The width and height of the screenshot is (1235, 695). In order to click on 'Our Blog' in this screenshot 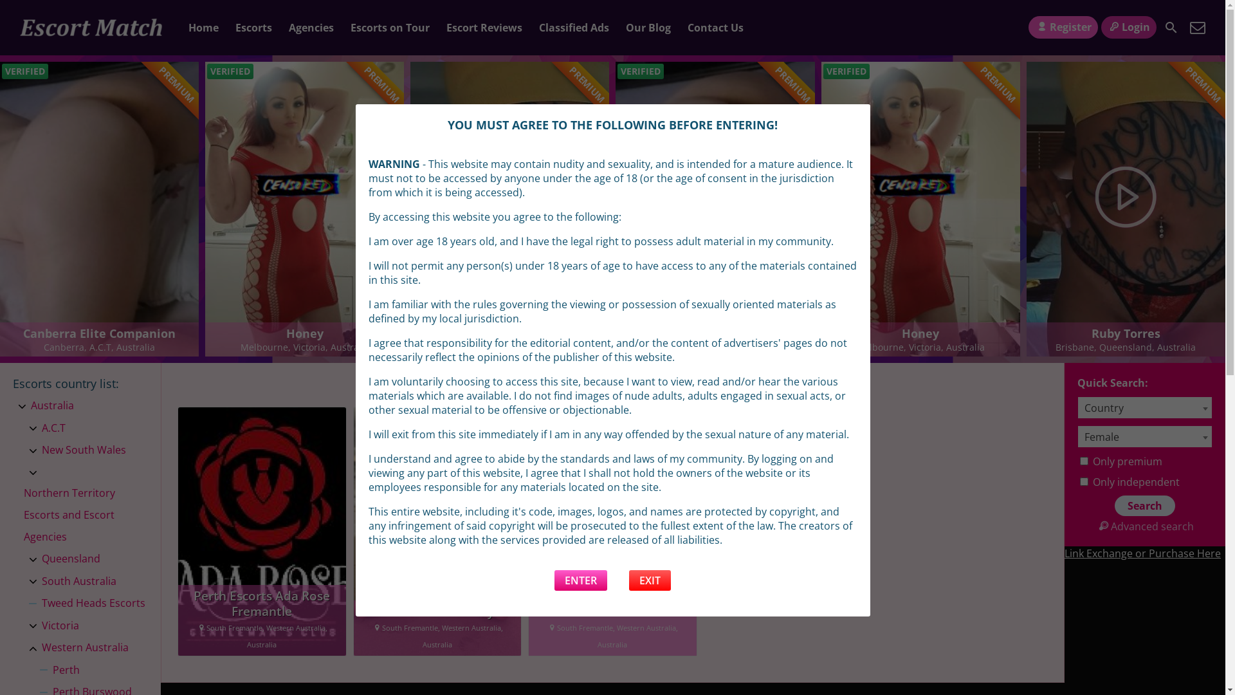, I will do `click(648, 28)`.